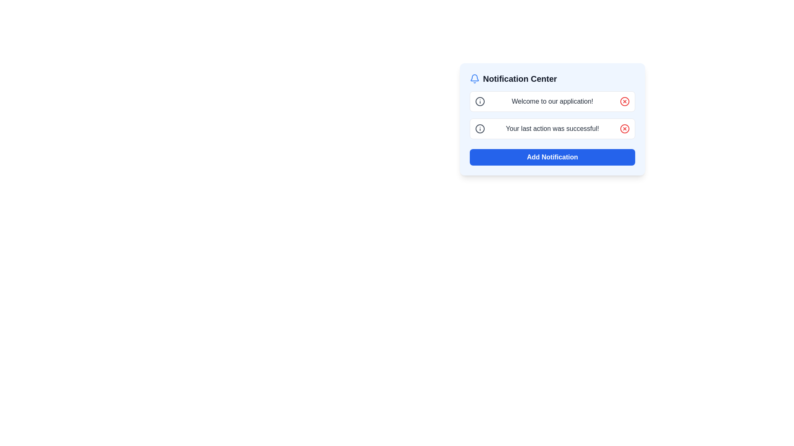 The image size is (794, 446). I want to click on displayed notification message from the second notification in the notification panel, which indicates the success of the user's recent action, so click(552, 119).